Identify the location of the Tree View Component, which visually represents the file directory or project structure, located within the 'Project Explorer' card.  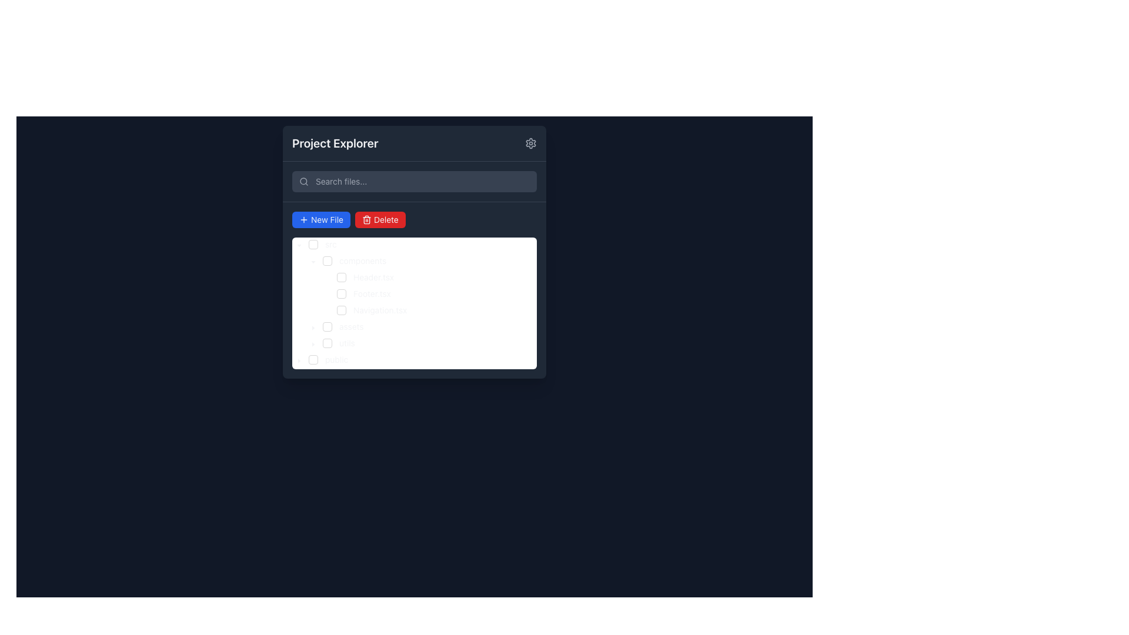
(415, 290).